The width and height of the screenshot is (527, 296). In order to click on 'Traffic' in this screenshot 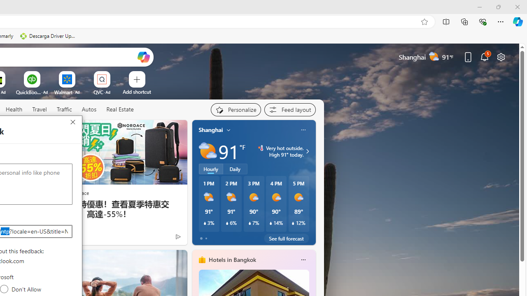, I will do `click(63, 109)`.